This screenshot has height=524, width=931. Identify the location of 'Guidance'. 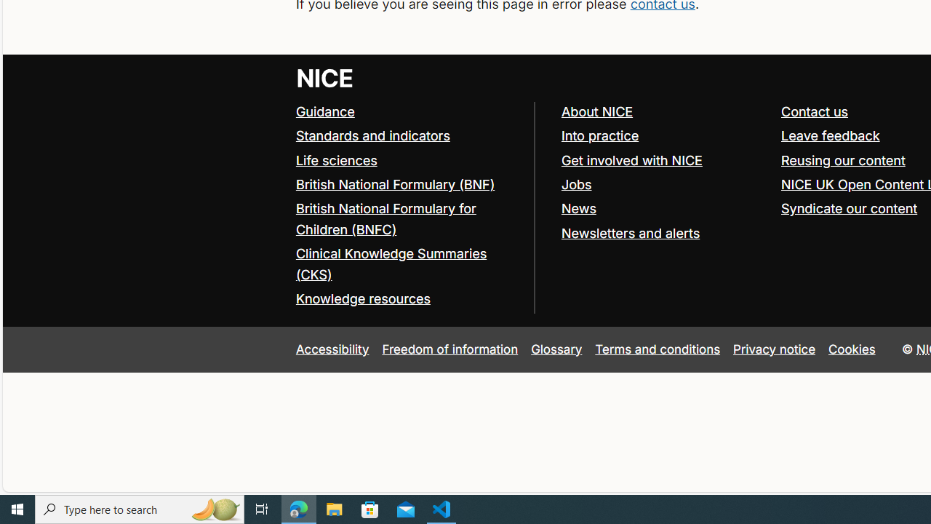
(324, 111).